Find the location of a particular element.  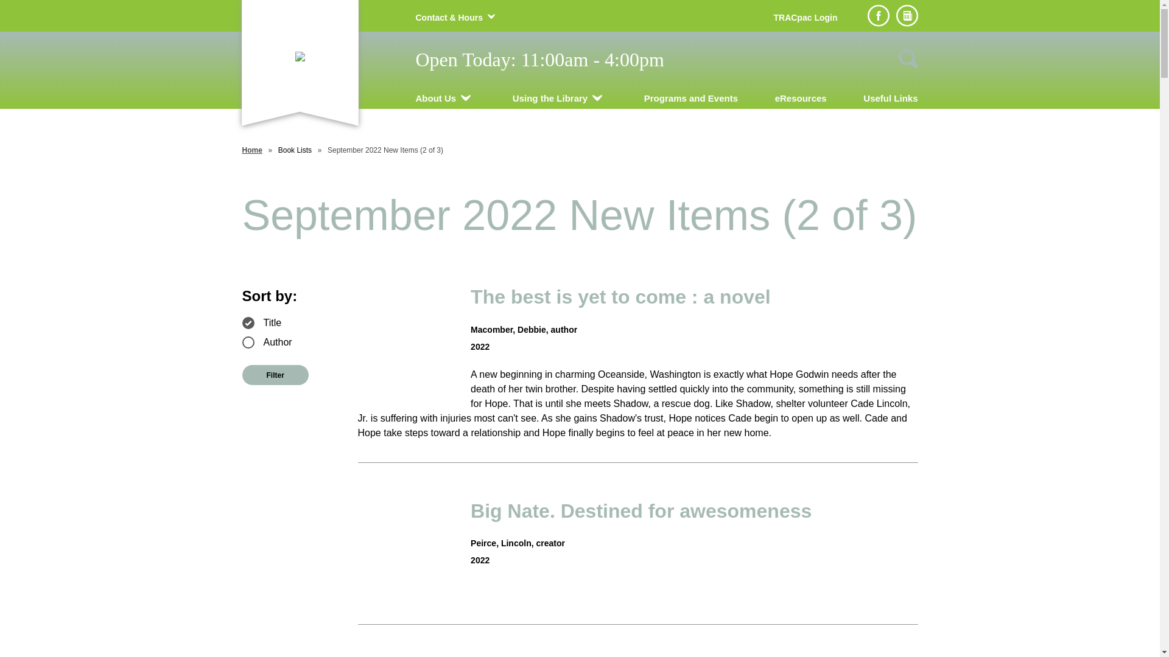

'Filter' is located at coordinates (275, 374).